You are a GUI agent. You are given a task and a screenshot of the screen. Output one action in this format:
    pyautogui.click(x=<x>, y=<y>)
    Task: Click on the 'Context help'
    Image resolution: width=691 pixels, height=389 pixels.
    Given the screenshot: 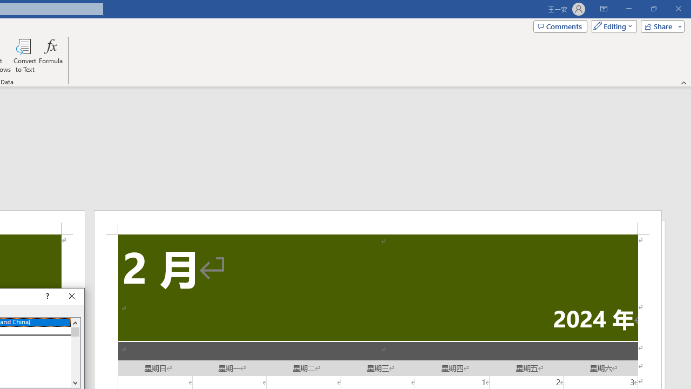 What is the action you would take?
    pyautogui.click(x=46, y=297)
    